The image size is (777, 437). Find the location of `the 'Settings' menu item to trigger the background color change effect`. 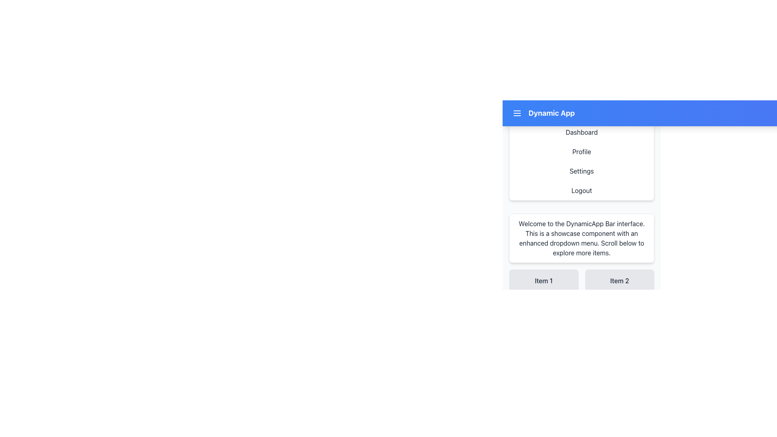

the 'Settings' menu item to trigger the background color change effect is located at coordinates (581, 171).